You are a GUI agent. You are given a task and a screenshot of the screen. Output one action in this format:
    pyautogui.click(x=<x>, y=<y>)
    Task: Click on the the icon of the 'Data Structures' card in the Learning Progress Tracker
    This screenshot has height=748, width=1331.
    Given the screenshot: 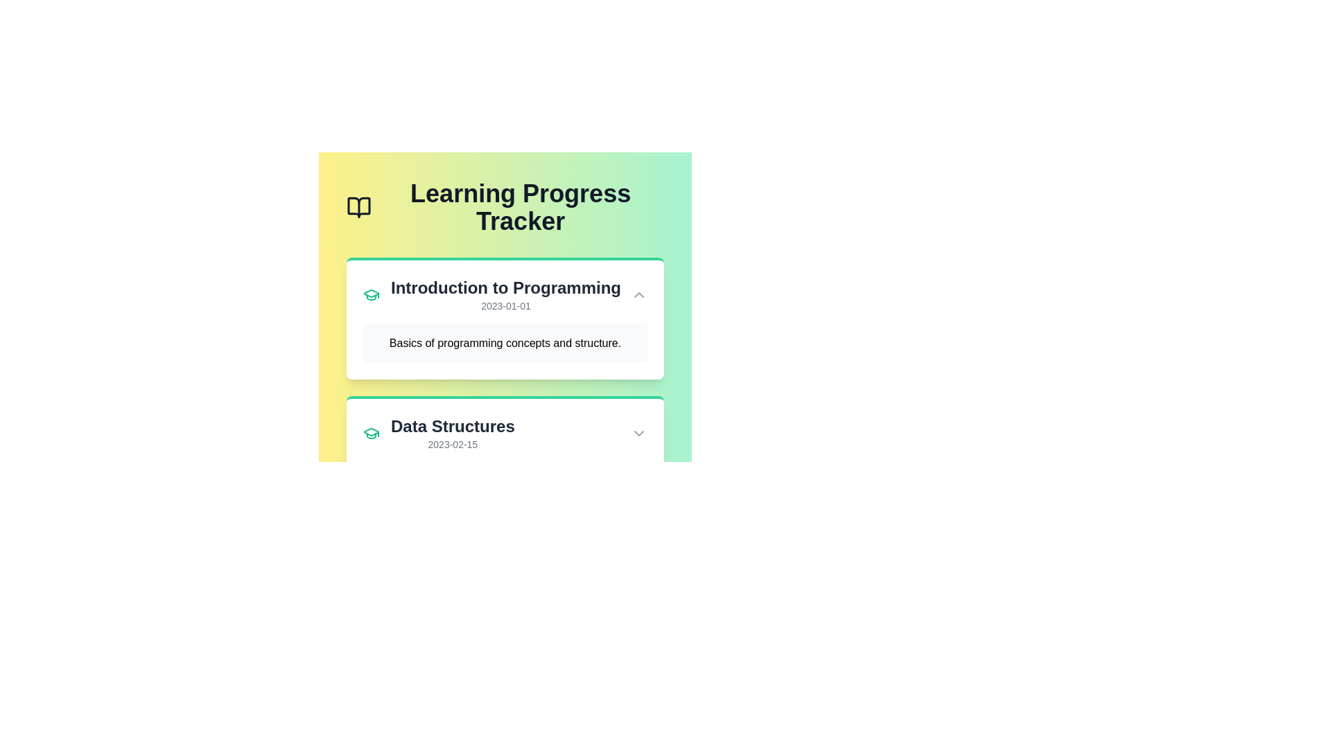 What is the action you would take?
    pyautogui.click(x=505, y=431)
    